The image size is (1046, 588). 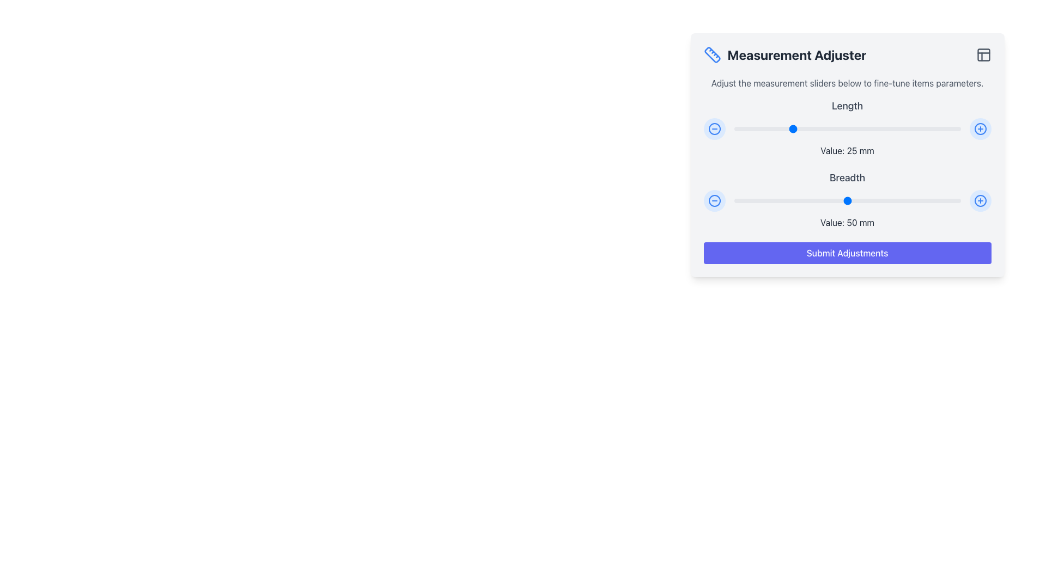 What do you see at coordinates (712, 54) in the screenshot?
I see `the blue ruler icon located to the left of the 'Measurement Adjuster' text in the header section` at bounding box center [712, 54].